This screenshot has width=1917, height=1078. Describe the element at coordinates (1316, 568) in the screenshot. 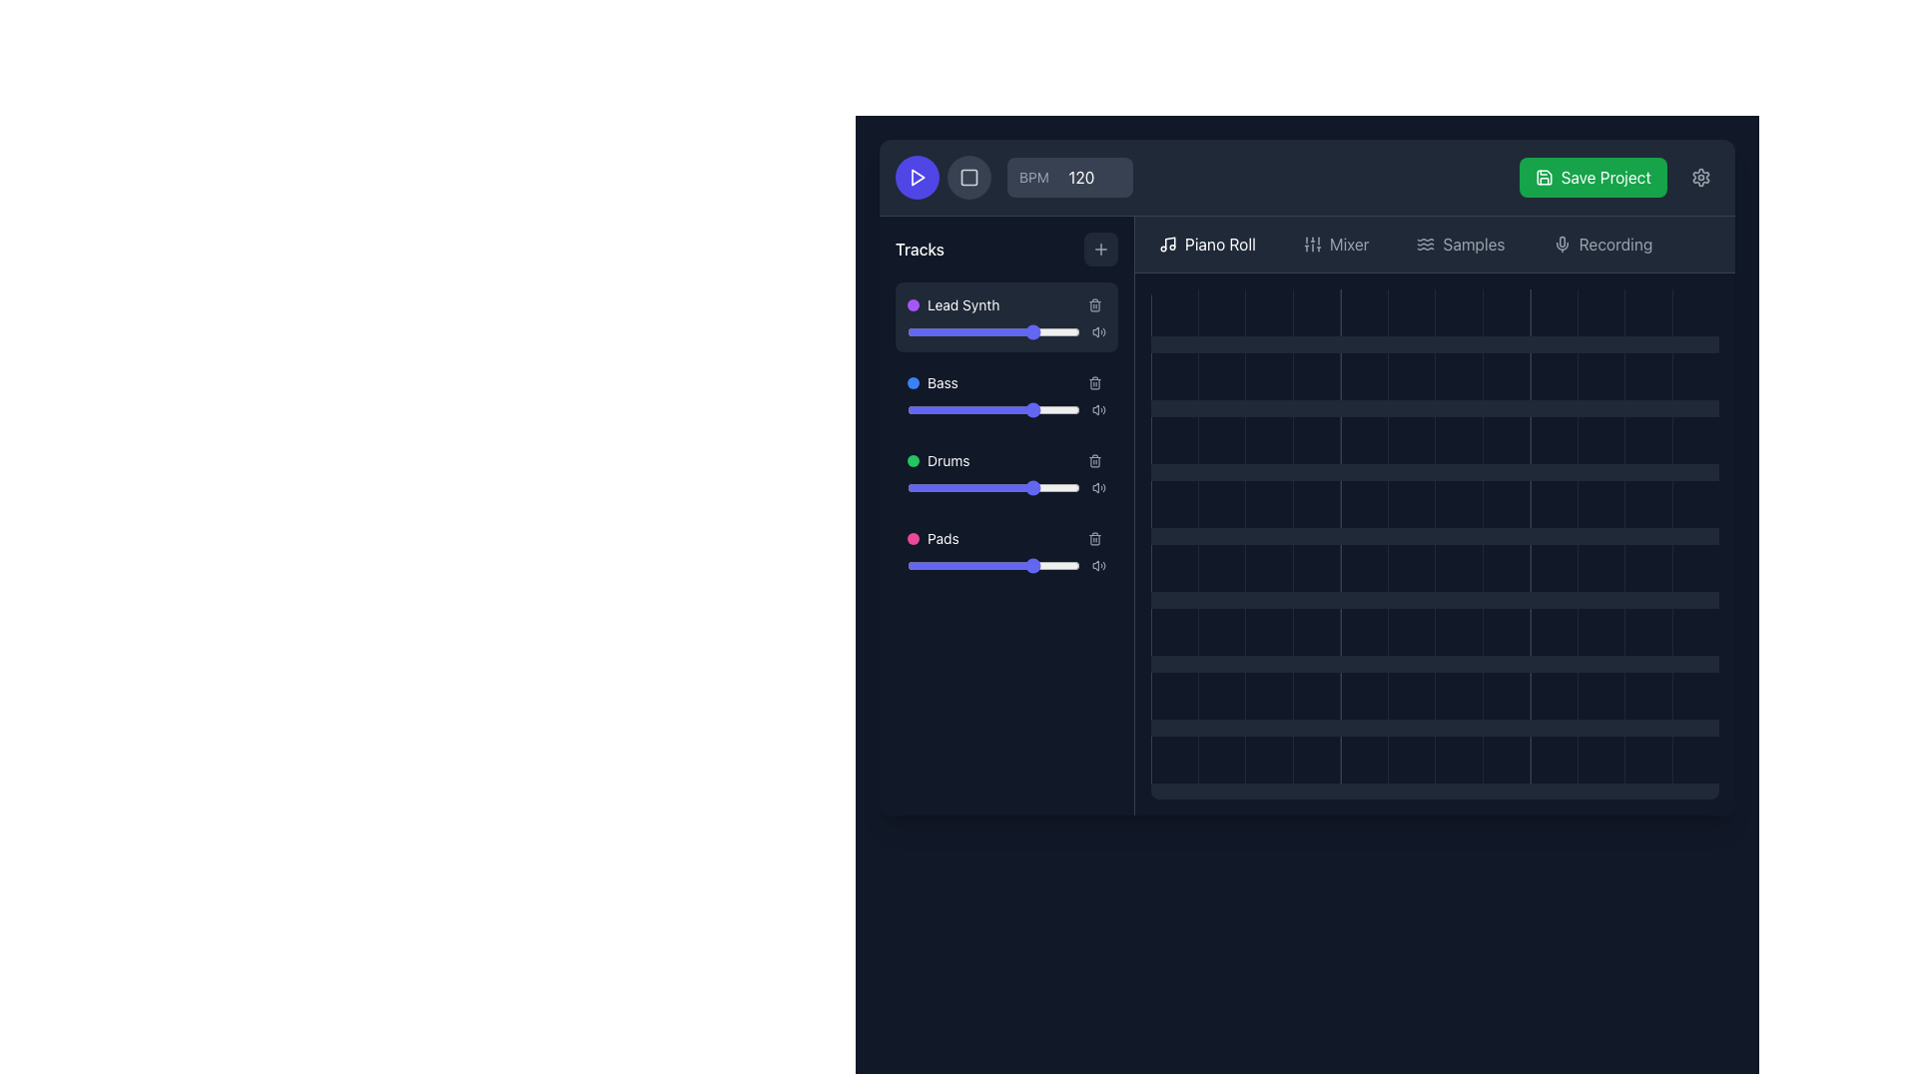

I see `the dark gray square block in the fourth column of the twelfth row in the grid layout` at that location.